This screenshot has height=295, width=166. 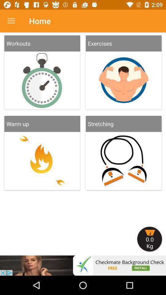 I want to click on advateshment, so click(x=83, y=265).